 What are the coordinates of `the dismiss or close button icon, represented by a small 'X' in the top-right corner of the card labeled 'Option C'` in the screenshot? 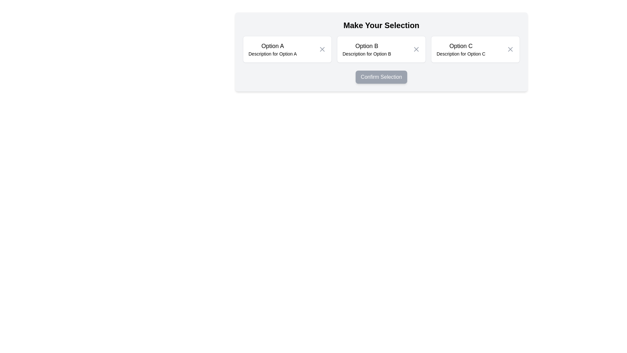 It's located at (510, 49).